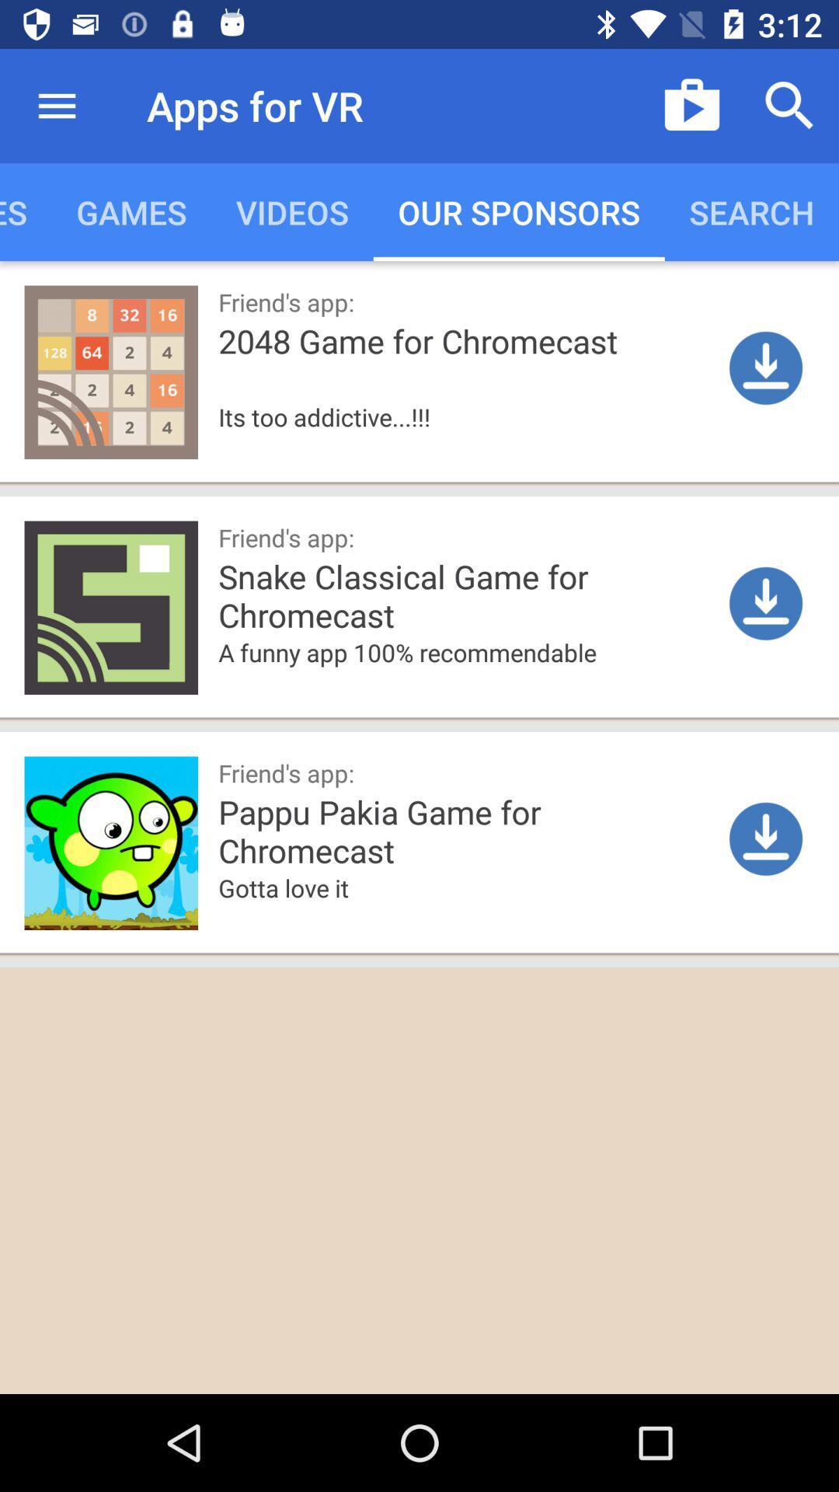 The width and height of the screenshot is (839, 1492). Describe the element at coordinates (385, 440) in the screenshot. I see `the icon below 2048 game for icon` at that location.